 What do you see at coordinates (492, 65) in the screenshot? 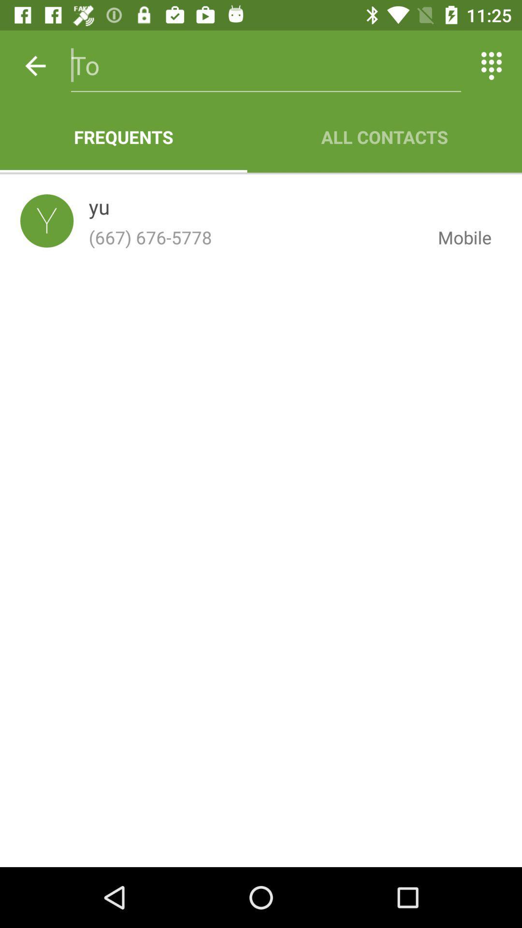
I see `icon above the all contacts` at bounding box center [492, 65].